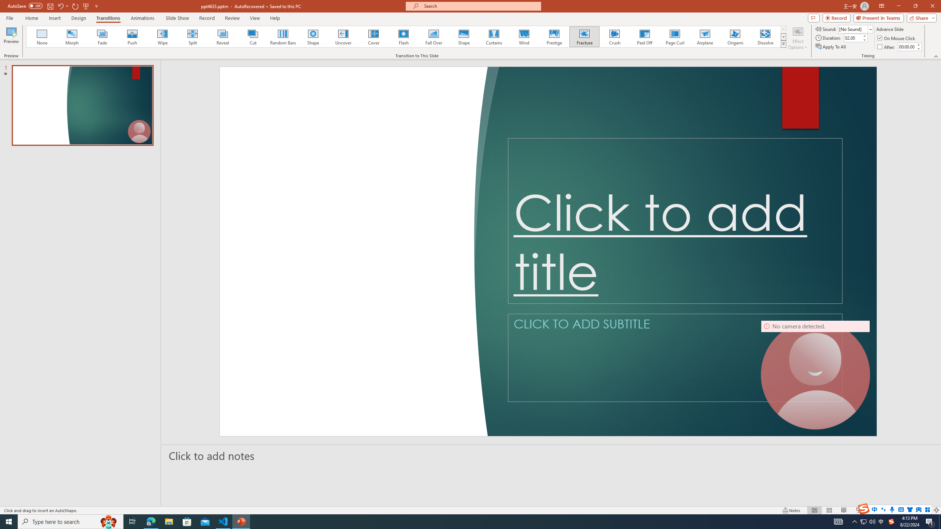 This screenshot has height=529, width=941. Describe the element at coordinates (494, 36) in the screenshot. I see `'Curtains'` at that location.